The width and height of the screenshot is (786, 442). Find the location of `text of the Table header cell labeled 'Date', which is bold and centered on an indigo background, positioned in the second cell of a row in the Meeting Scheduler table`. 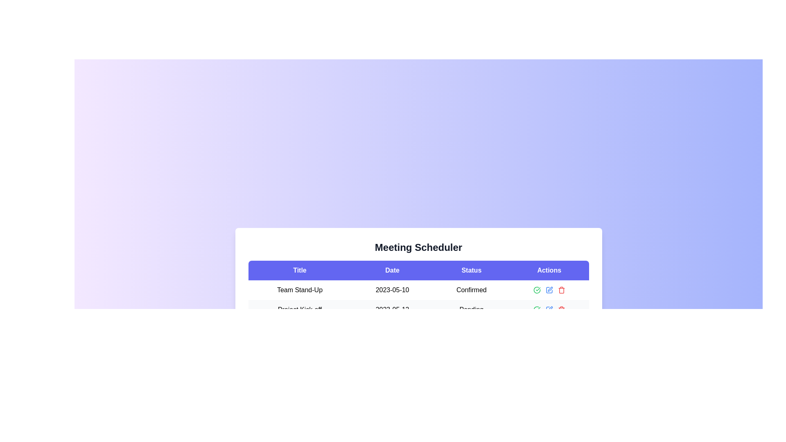

text of the Table header cell labeled 'Date', which is bold and centered on an indigo background, positioned in the second cell of a row in the Meeting Scheduler table is located at coordinates (392, 270).